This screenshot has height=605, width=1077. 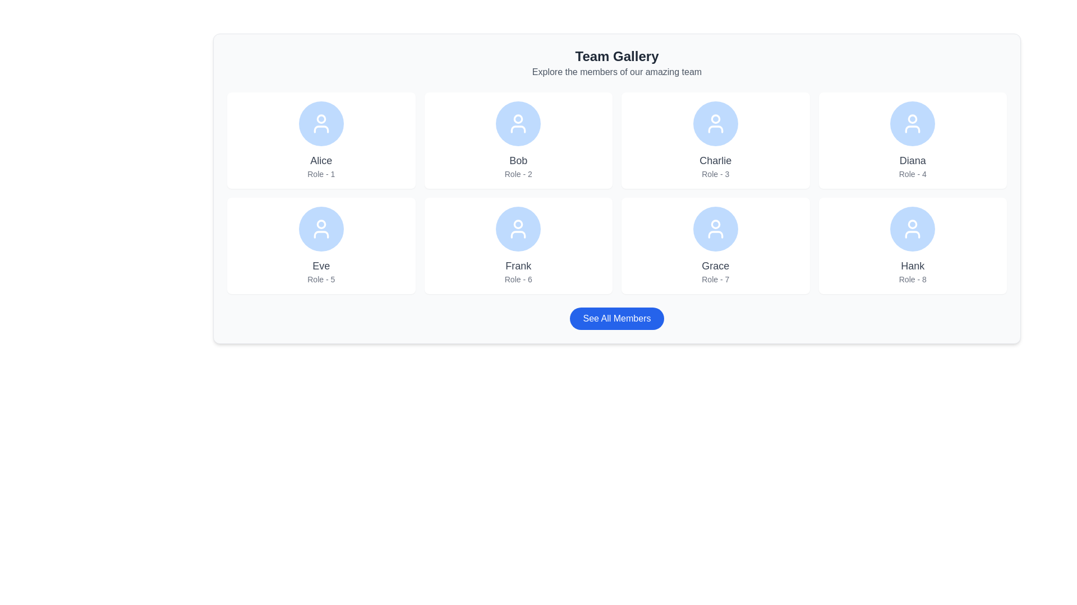 I want to click on styling of the text label displaying 'Grace', which is centered within the lower portion of a card structure, so click(x=715, y=266).